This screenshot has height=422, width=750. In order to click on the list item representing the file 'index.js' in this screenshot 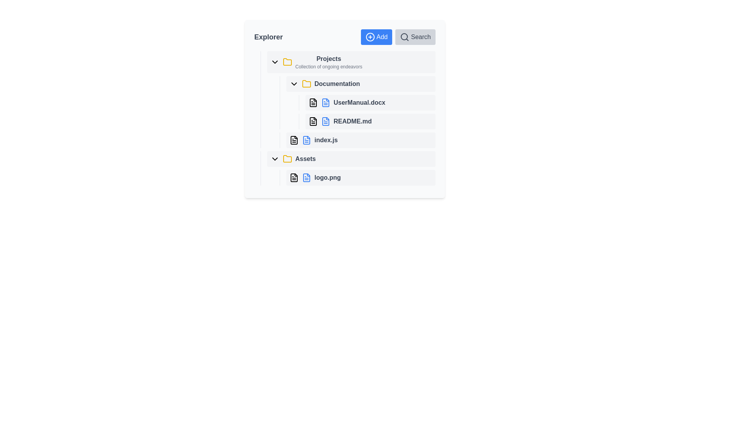, I will do `click(361, 139)`.